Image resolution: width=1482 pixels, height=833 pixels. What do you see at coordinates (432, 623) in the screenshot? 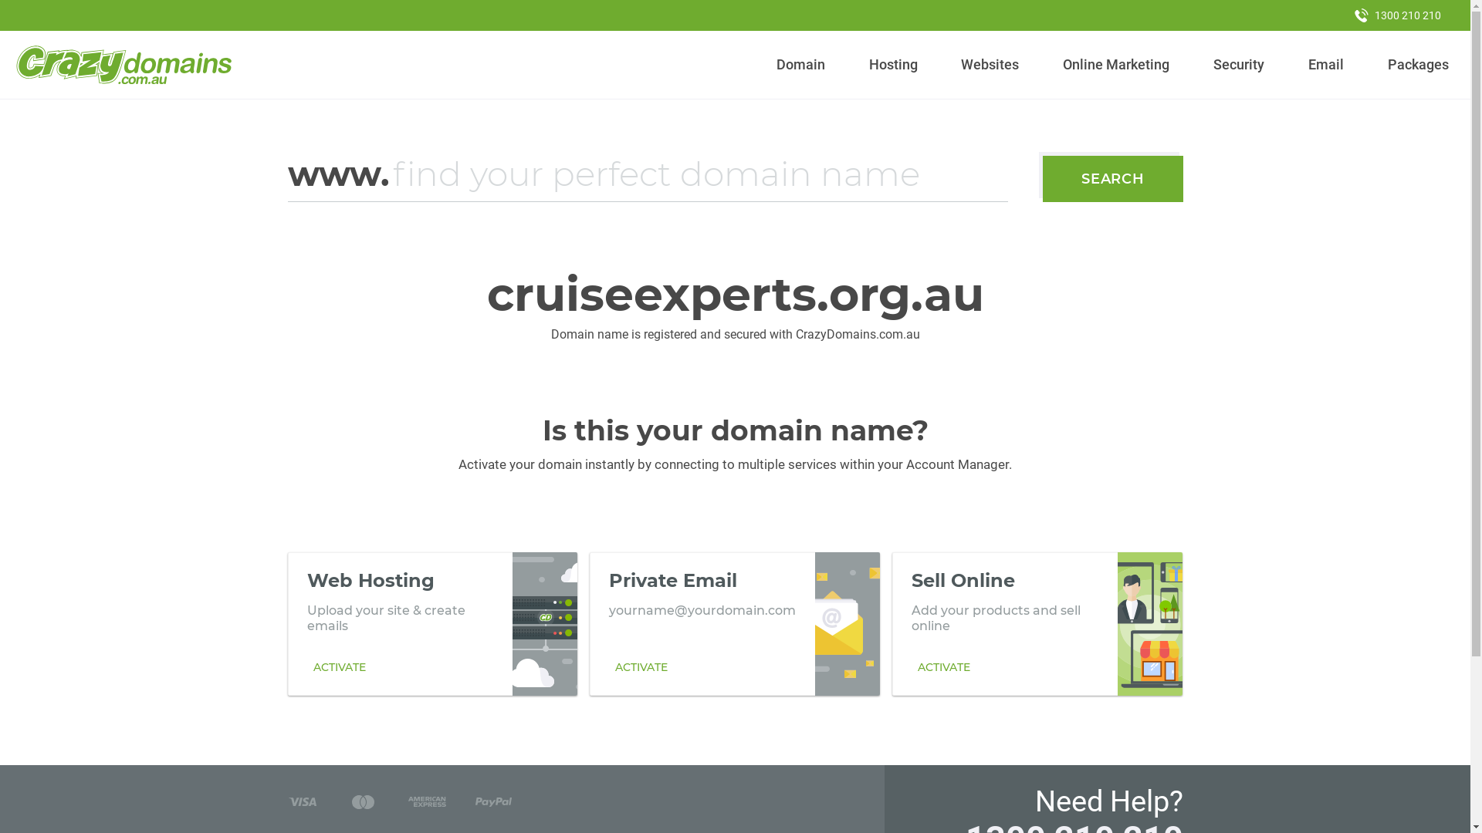
I see `'Web Hosting` at bounding box center [432, 623].